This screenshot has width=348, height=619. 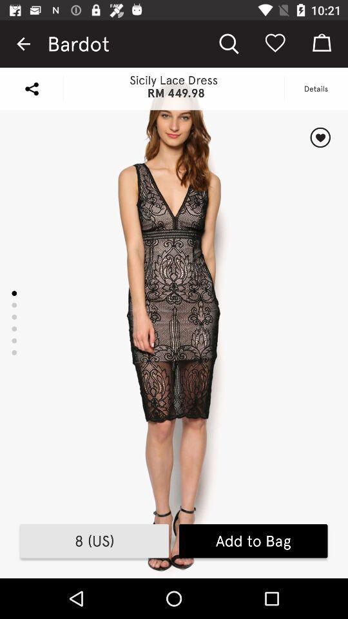 What do you see at coordinates (32, 88) in the screenshot?
I see `share` at bounding box center [32, 88].